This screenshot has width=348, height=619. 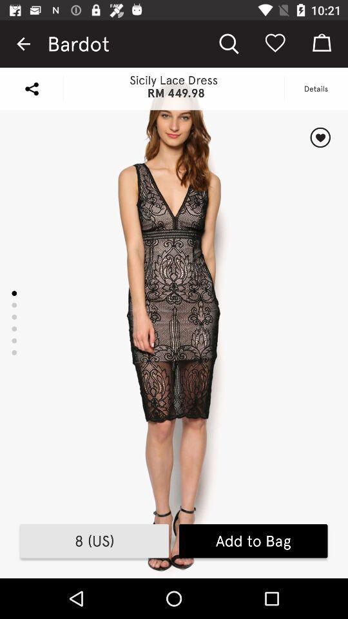 What do you see at coordinates (32, 88) in the screenshot?
I see `share` at bounding box center [32, 88].